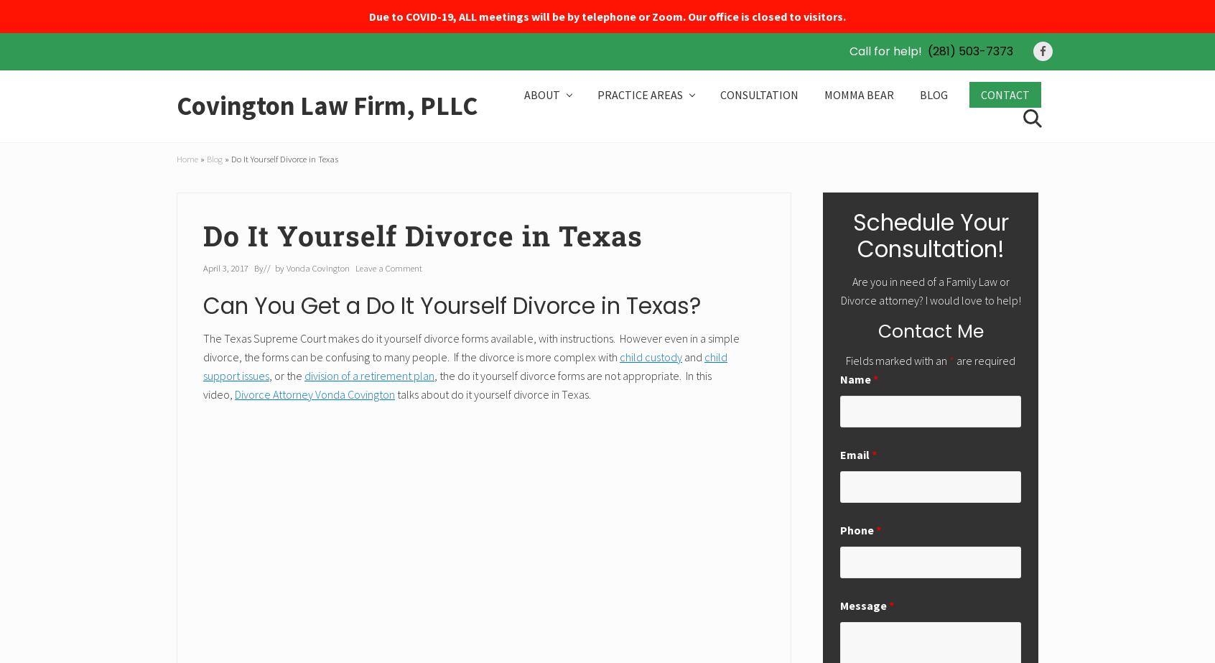 This screenshot has height=663, width=1215. I want to click on 'Fields marked with an', so click(844, 359).